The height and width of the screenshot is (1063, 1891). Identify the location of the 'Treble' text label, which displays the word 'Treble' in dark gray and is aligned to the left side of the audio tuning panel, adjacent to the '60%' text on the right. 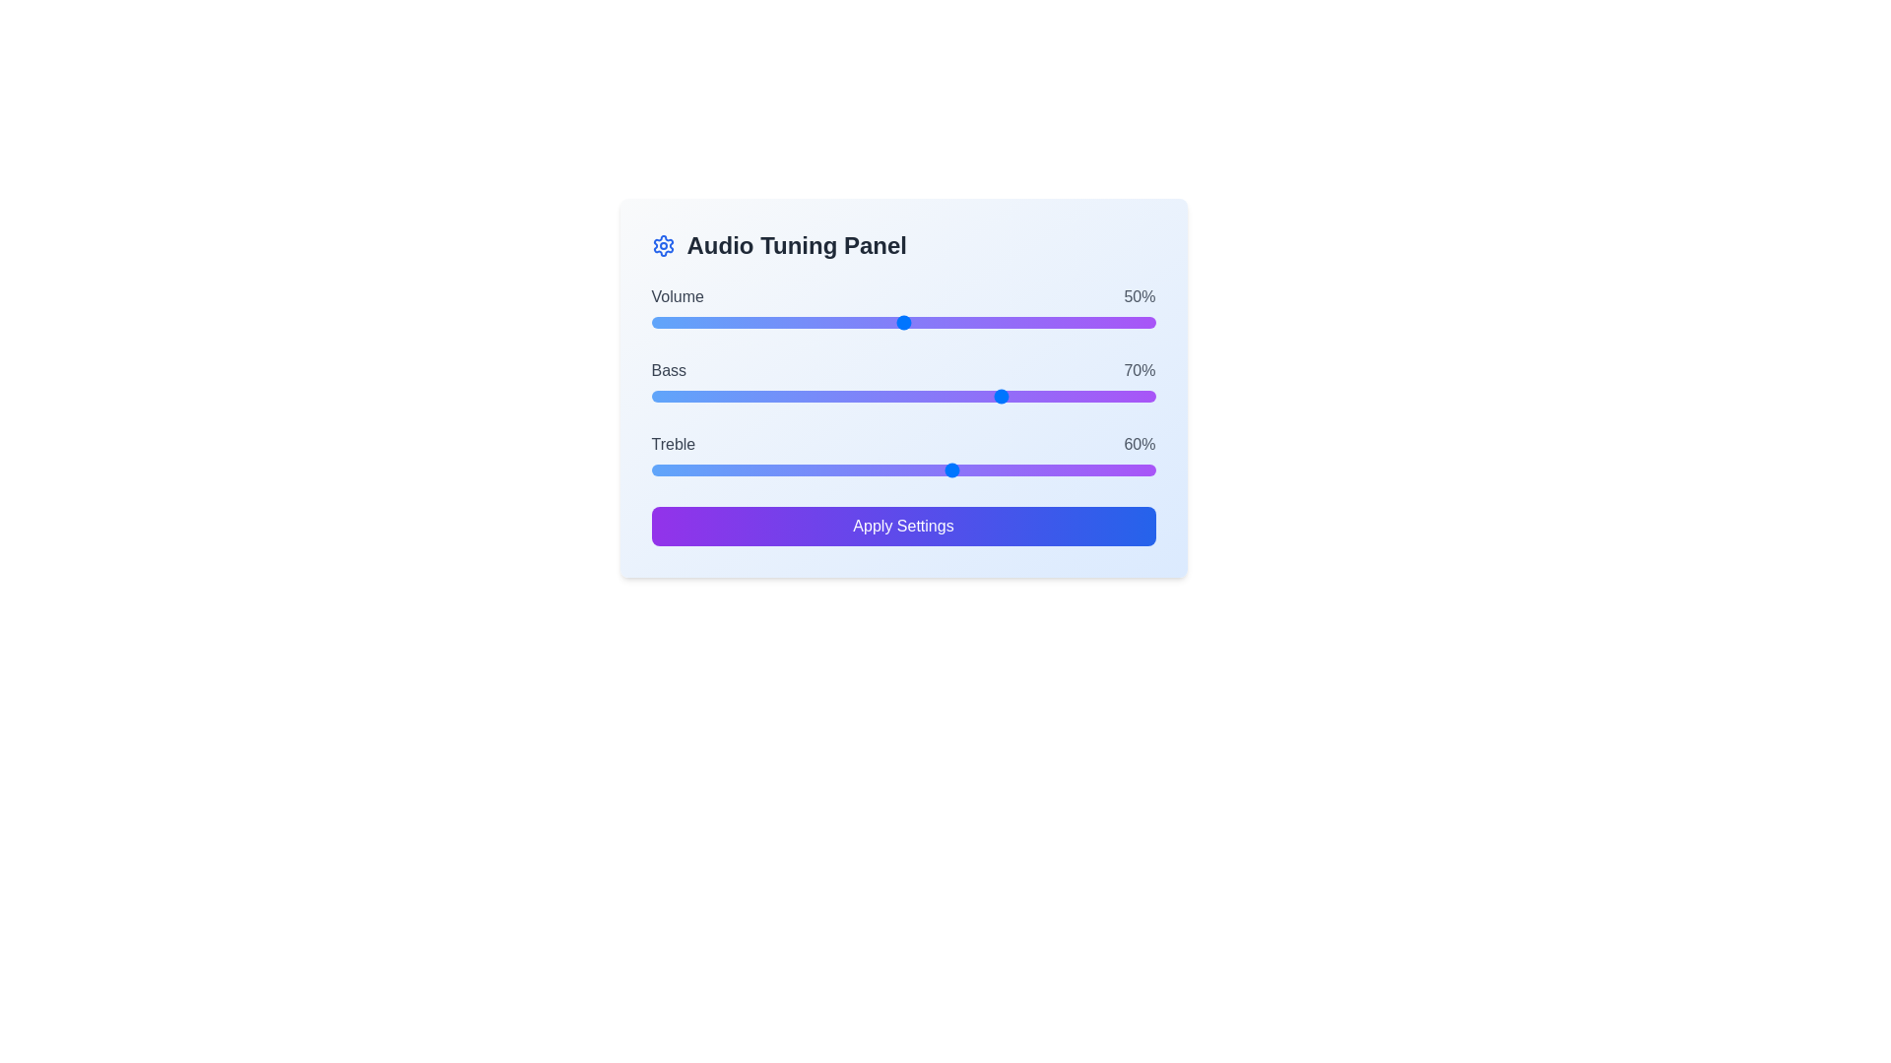
(673, 444).